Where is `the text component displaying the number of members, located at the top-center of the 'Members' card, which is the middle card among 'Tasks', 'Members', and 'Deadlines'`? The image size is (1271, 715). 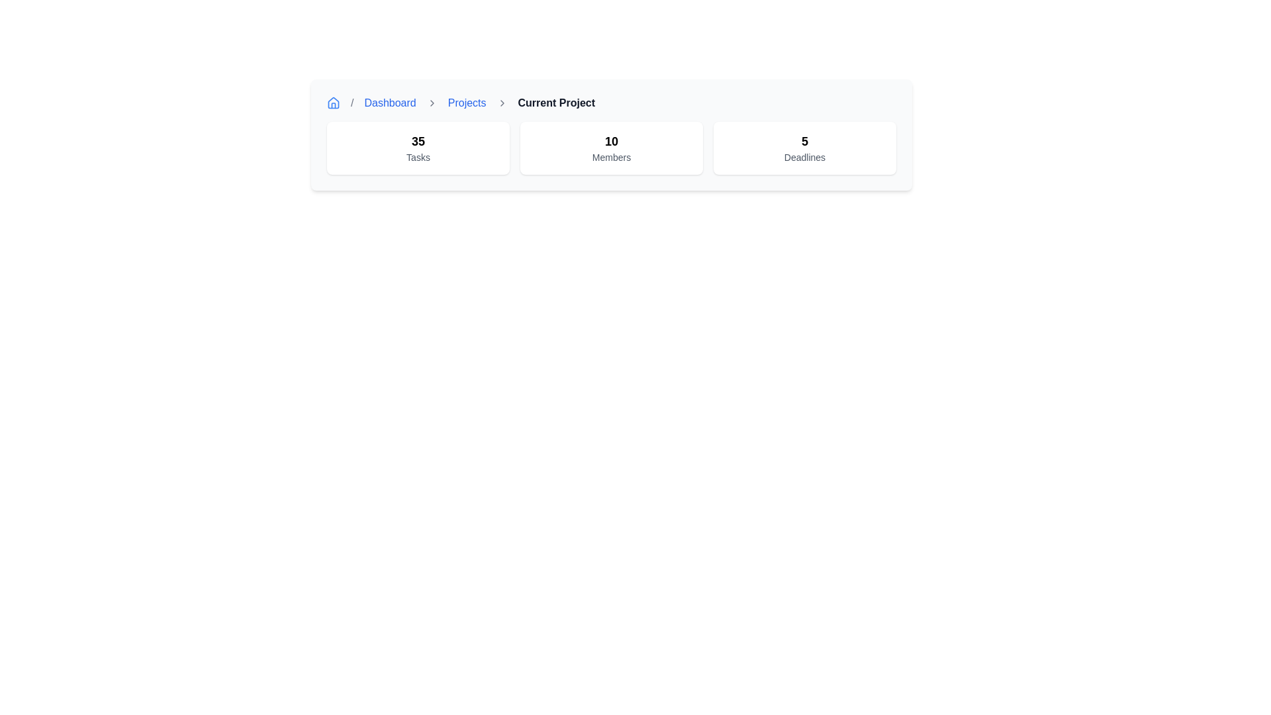
the text component displaying the number of members, located at the top-center of the 'Members' card, which is the middle card among 'Tasks', 'Members', and 'Deadlines' is located at coordinates (611, 141).